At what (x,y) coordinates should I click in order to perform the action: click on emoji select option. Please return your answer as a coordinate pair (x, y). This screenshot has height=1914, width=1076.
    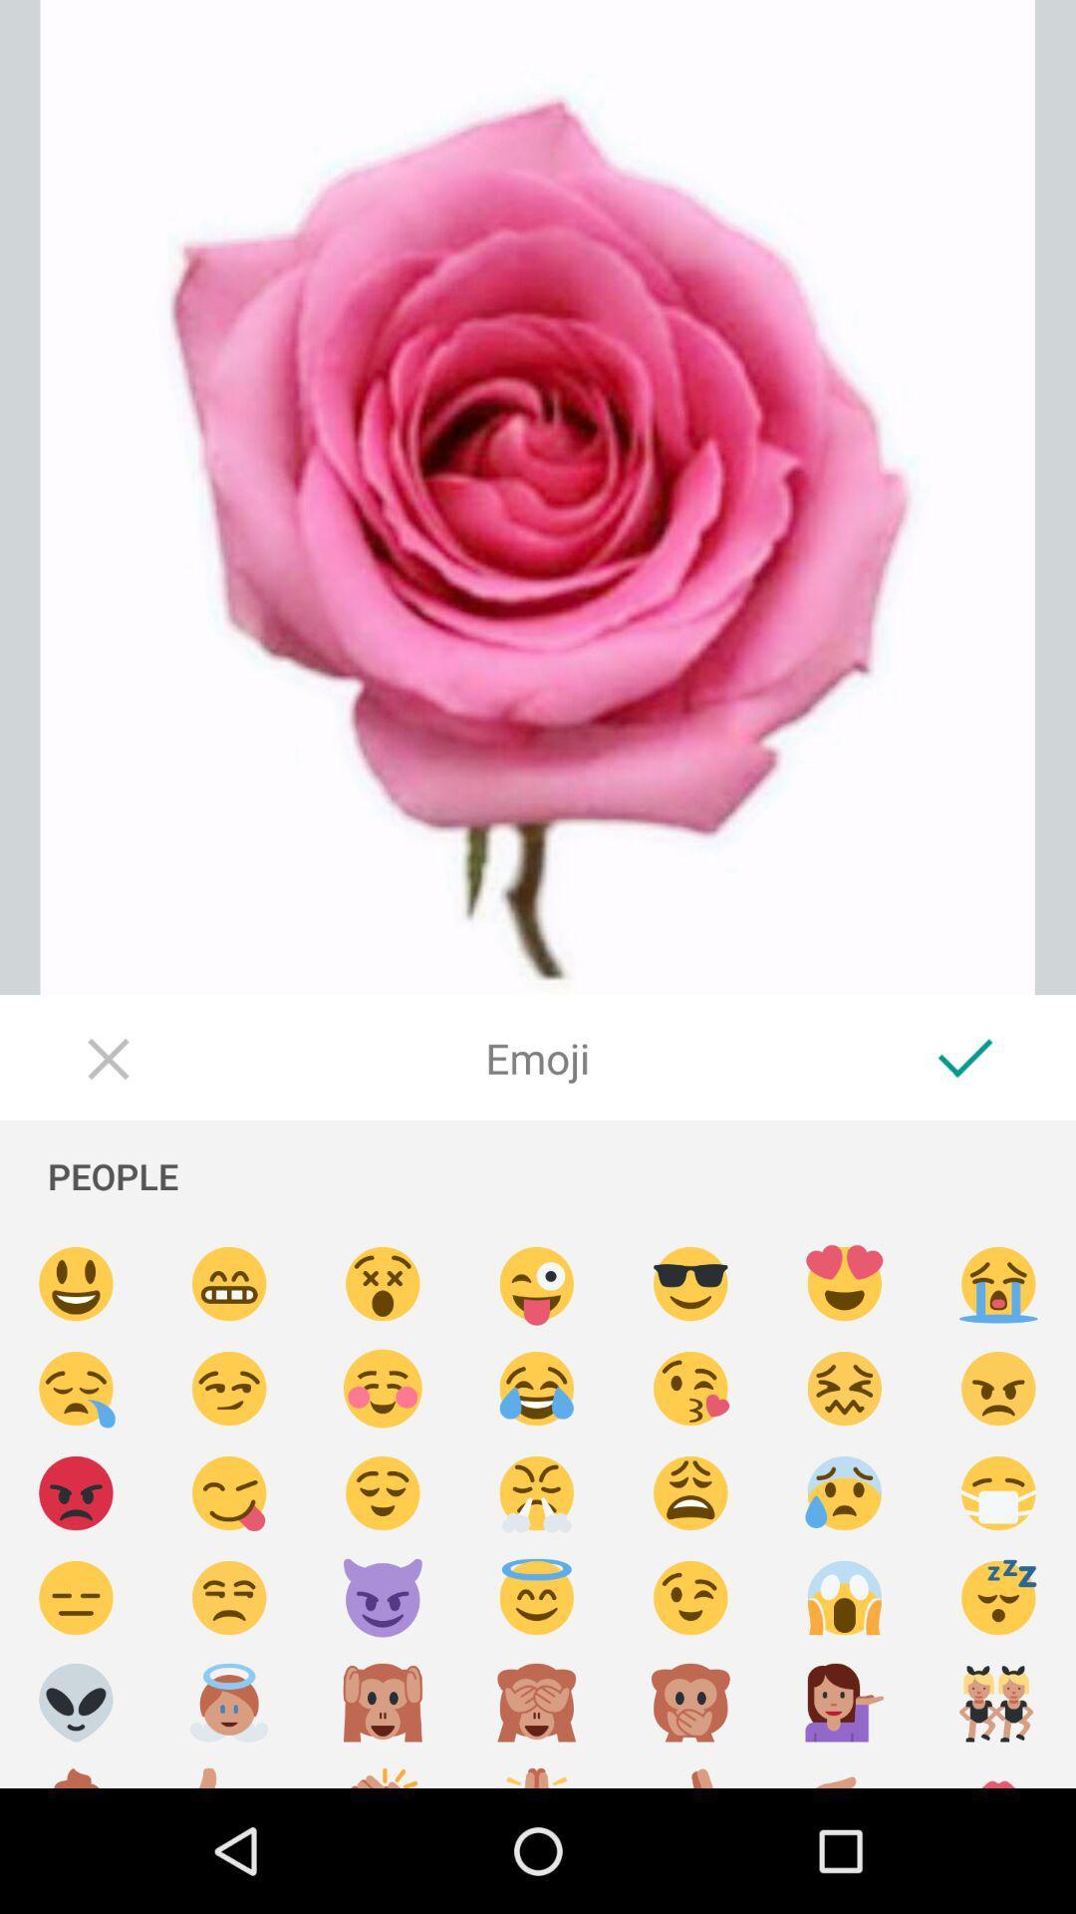
    Looking at the image, I should click on (845, 1493).